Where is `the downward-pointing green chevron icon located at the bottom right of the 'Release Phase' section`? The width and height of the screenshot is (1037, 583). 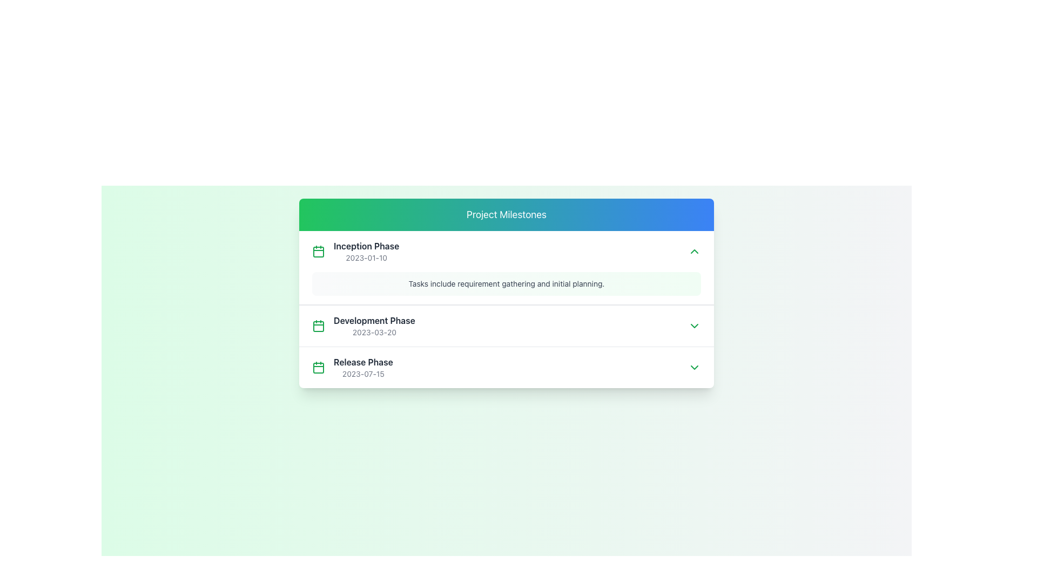
the downward-pointing green chevron icon located at the bottom right of the 'Release Phase' section is located at coordinates (695, 367).